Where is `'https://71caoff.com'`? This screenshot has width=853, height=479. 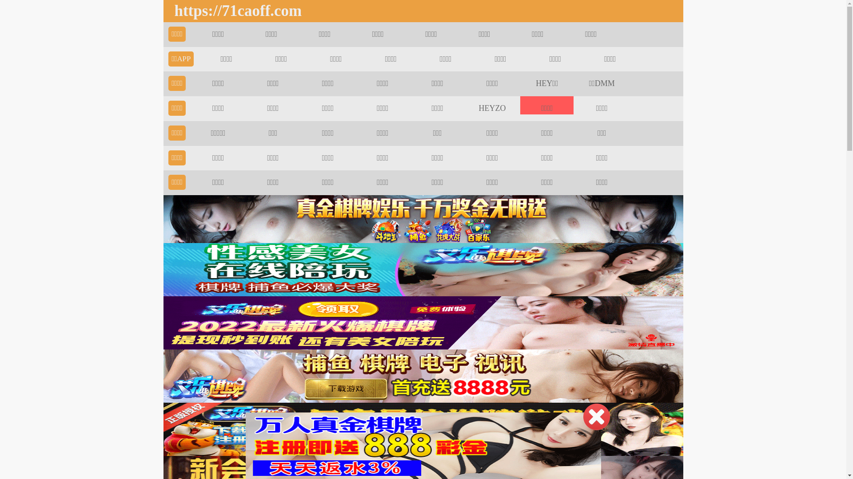 'https://71caoff.com' is located at coordinates (235, 11).